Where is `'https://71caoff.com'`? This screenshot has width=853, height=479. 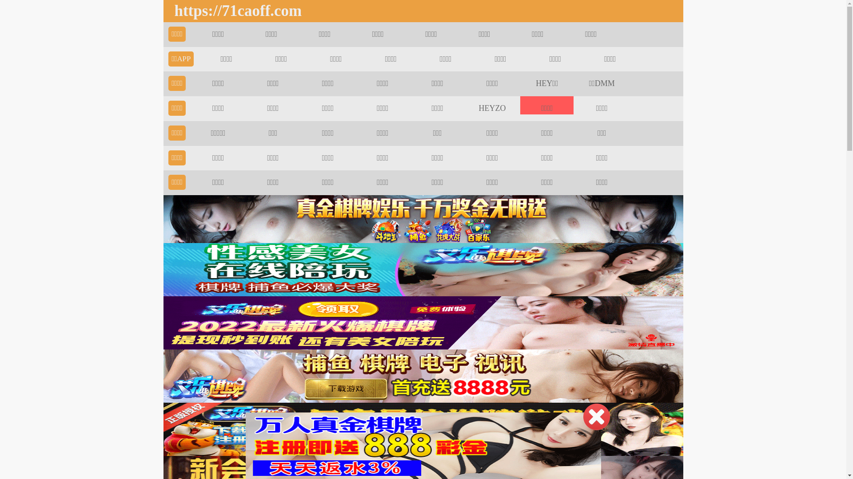 'https://71caoff.com' is located at coordinates (235, 11).